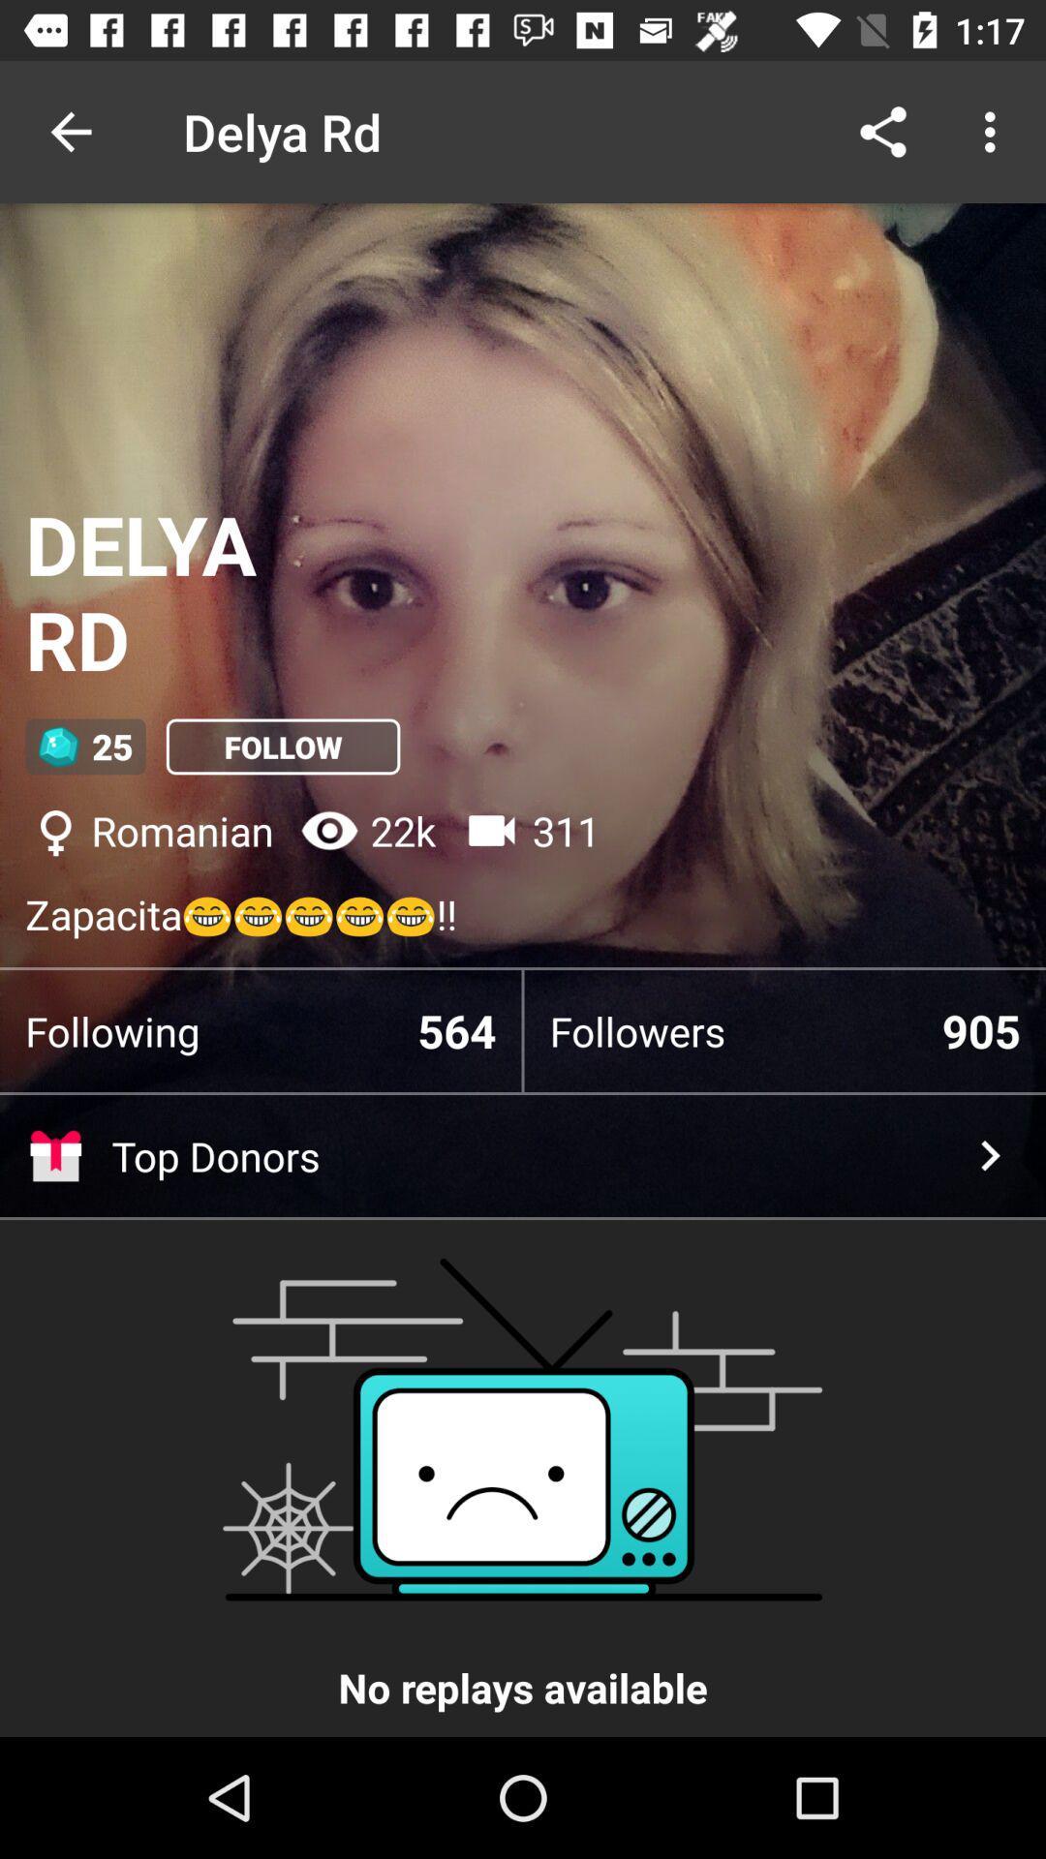 This screenshot has height=1859, width=1046. Describe the element at coordinates (84, 746) in the screenshot. I see `the item below delya` at that location.